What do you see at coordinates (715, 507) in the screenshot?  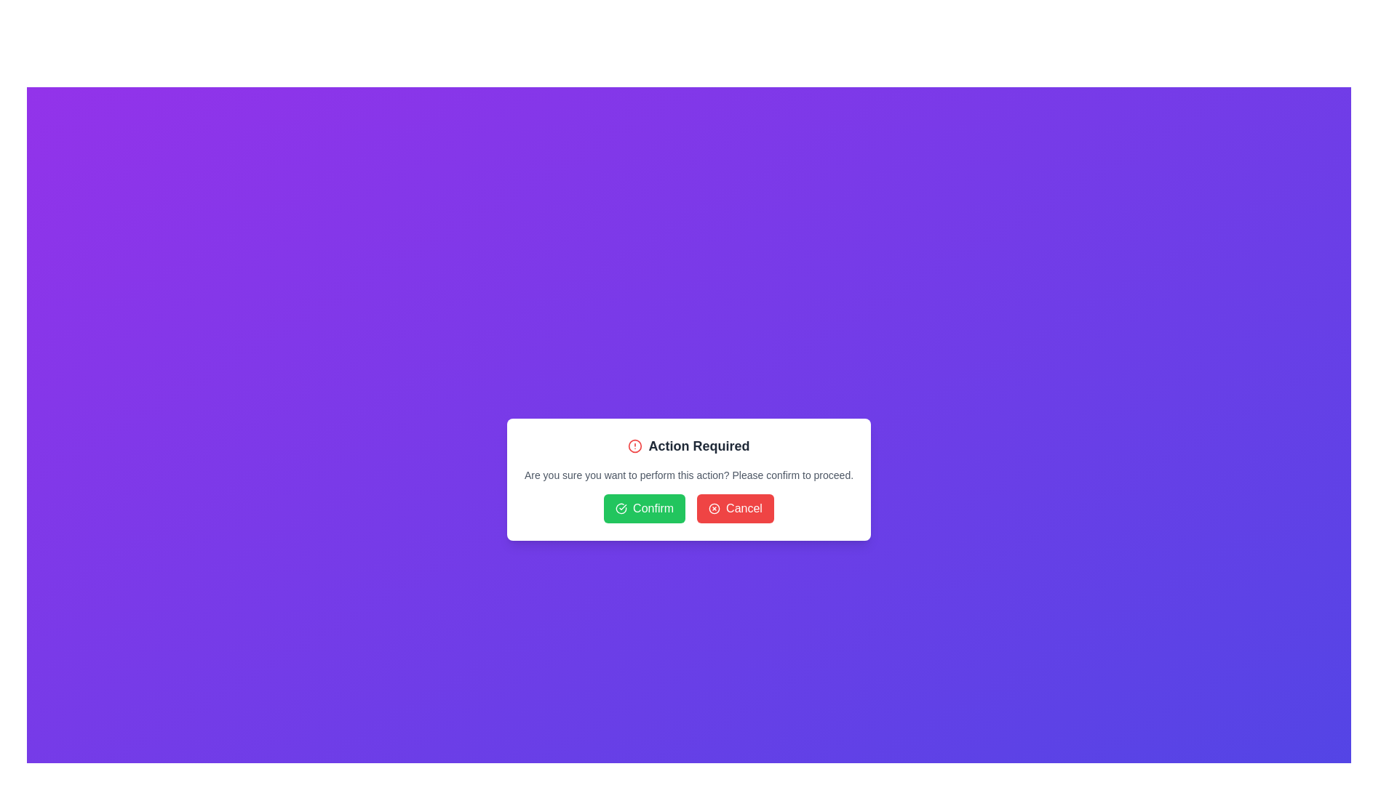 I see `the cancellation icon embedded in the 'Cancel' button, which is positioned to the left of the red text 'Cancel'` at bounding box center [715, 507].